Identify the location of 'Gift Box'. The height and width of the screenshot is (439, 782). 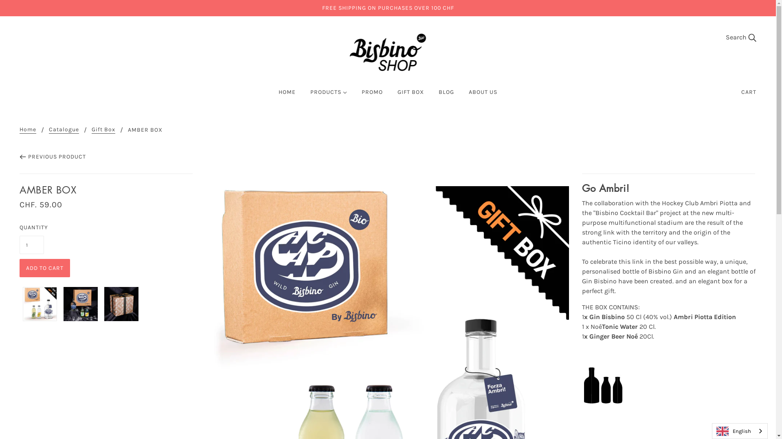
(103, 130).